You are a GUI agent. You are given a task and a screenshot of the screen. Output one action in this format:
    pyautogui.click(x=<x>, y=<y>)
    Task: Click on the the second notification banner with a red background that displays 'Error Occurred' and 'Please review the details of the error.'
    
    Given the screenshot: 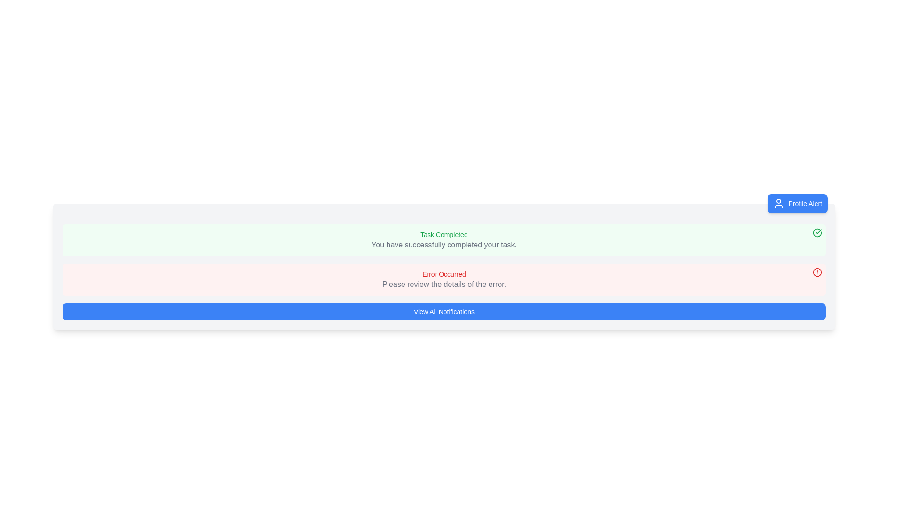 What is the action you would take?
    pyautogui.click(x=444, y=279)
    